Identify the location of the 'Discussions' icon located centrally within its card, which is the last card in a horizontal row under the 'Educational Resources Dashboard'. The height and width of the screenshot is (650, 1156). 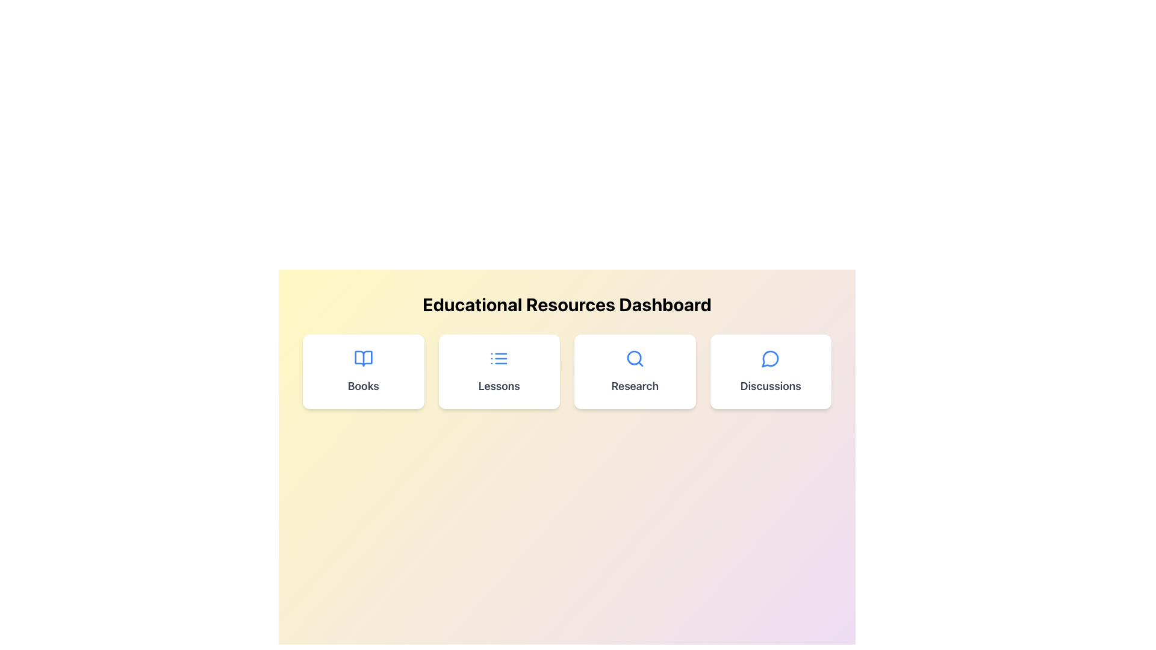
(771, 358).